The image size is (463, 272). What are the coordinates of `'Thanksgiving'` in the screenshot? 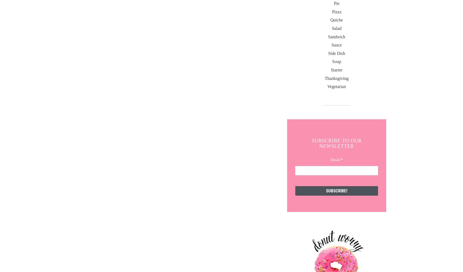 It's located at (336, 78).